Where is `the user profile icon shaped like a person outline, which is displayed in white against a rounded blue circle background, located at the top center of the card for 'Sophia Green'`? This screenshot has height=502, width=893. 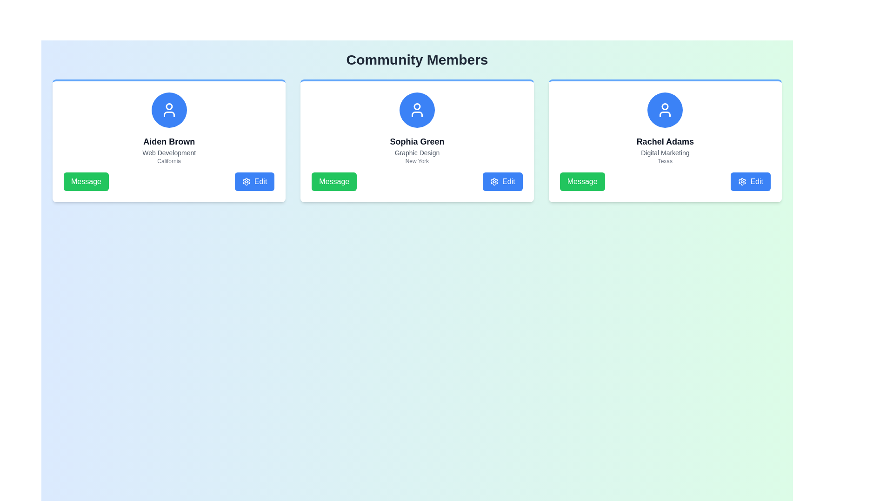
the user profile icon shaped like a person outline, which is displayed in white against a rounded blue circle background, located at the top center of the card for 'Sophia Green' is located at coordinates (417, 109).